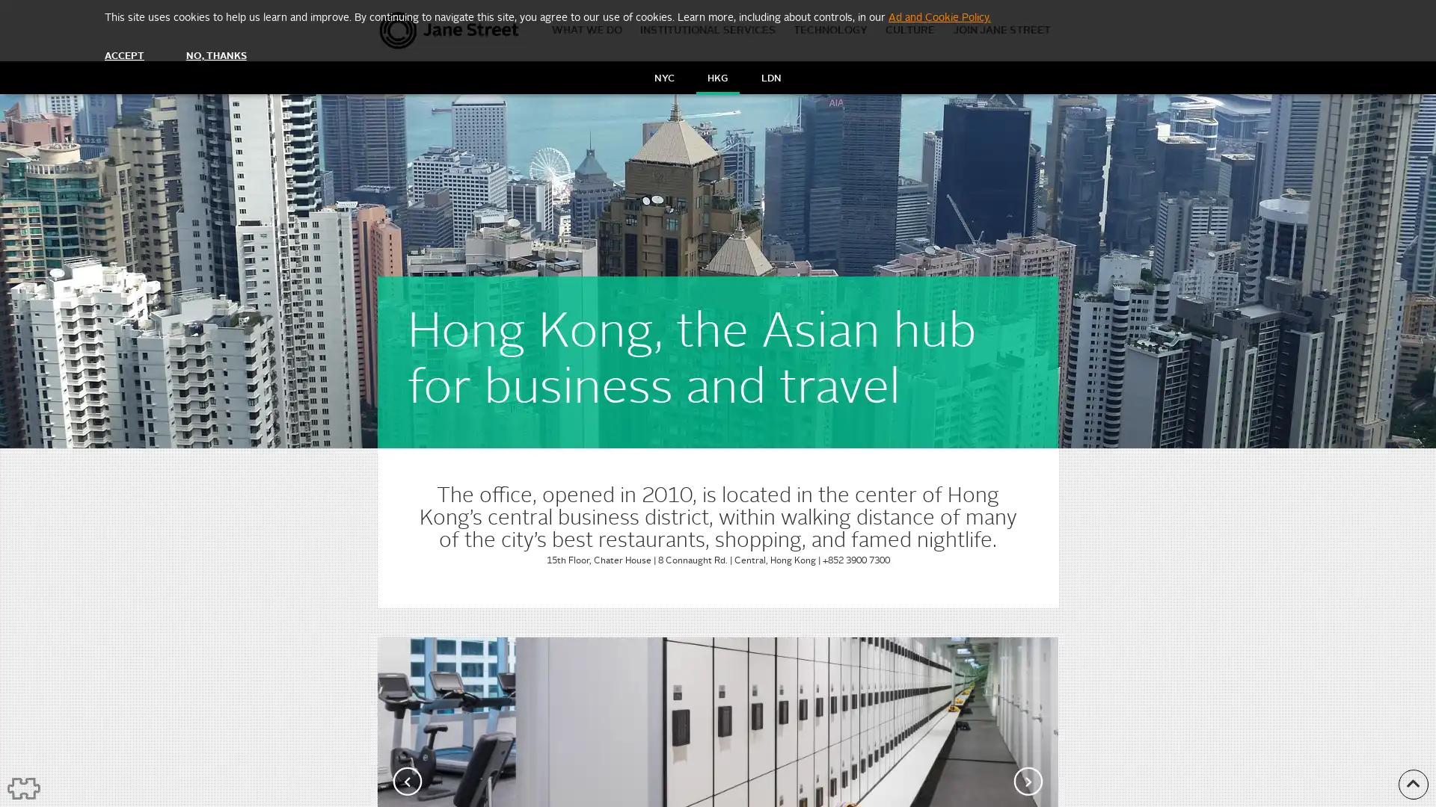 The image size is (1436, 807). I want to click on learn more about cookies, so click(939, 17).